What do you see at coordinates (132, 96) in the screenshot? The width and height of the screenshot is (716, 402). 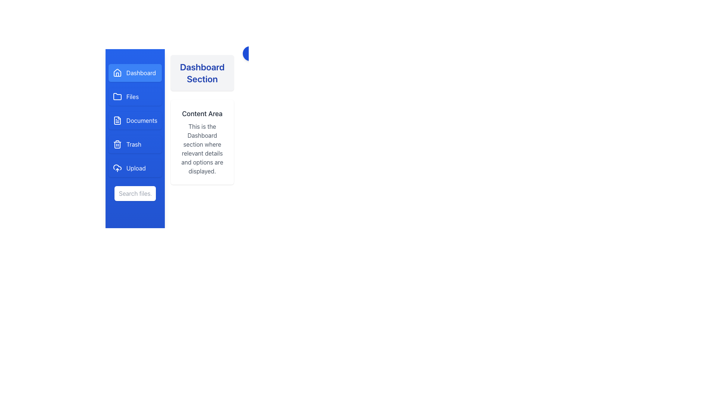 I see `the 'Files' text label located in the vertical navigation menu, directly below the 'Dashboard' and above the 'Documents' item` at bounding box center [132, 96].